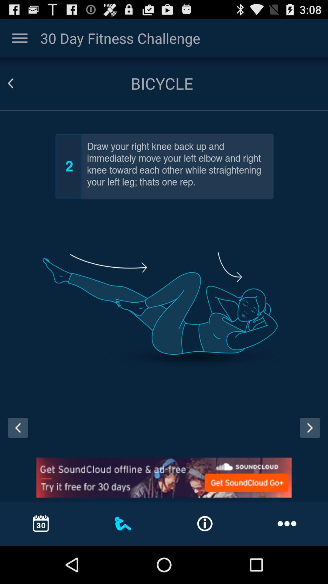 This screenshot has width=328, height=584. What do you see at coordinates (18, 458) in the screenshot?
I see `the arrow_backward icon` at bounding box center [18, 458].